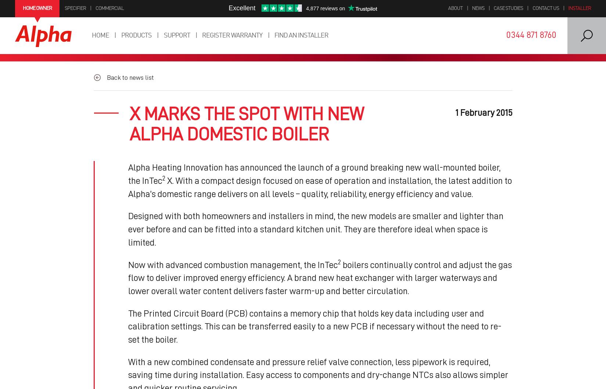 Image resolution: width=606 pixels, height=389 pixels. I want to click on 'Installer', so click(579, 8).